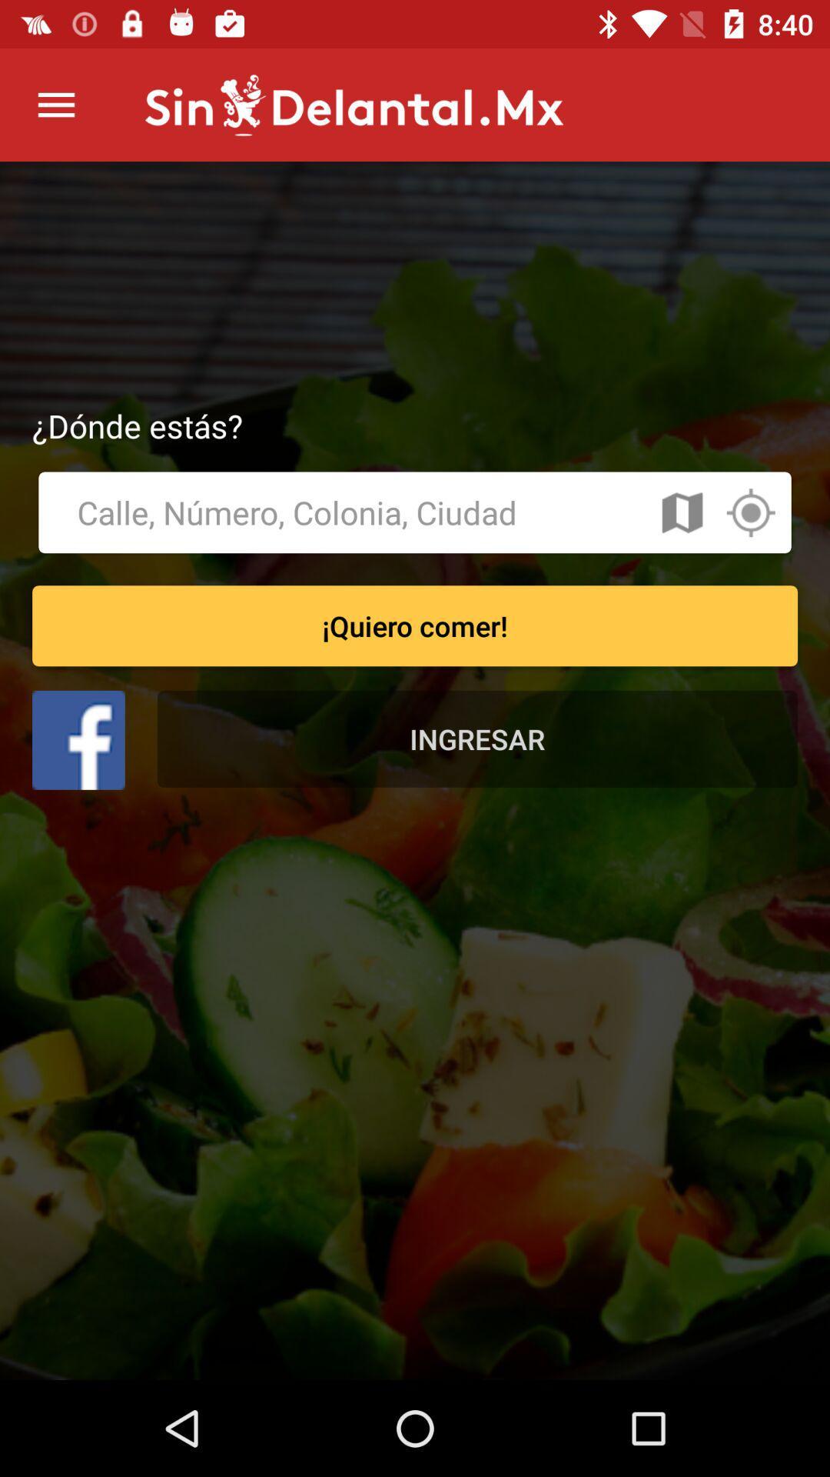 The width and height of the screenshot is (830, 1477). Describe the element at coordinates (78, 740) in the screenshot. I see `open facebook` at that location.